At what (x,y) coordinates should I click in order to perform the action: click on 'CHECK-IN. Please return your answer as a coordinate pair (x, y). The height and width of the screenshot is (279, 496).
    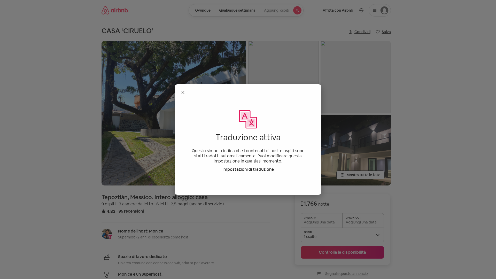
    Looking at the image, I should click on (342, 220).